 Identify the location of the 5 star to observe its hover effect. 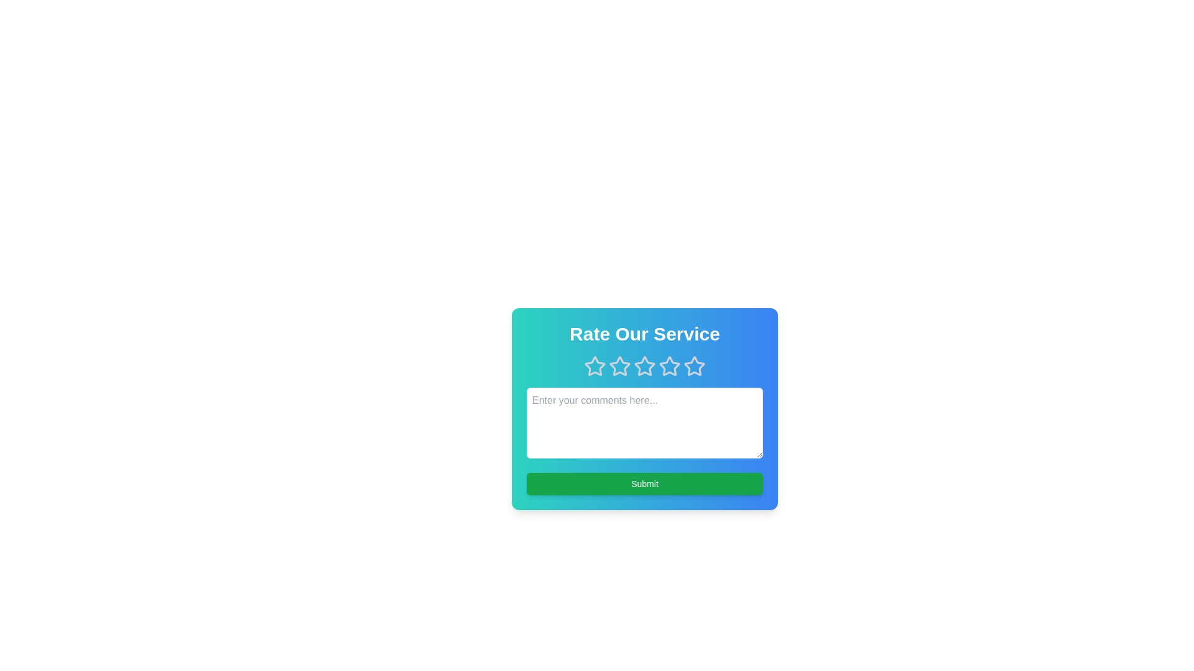
(694, 366).